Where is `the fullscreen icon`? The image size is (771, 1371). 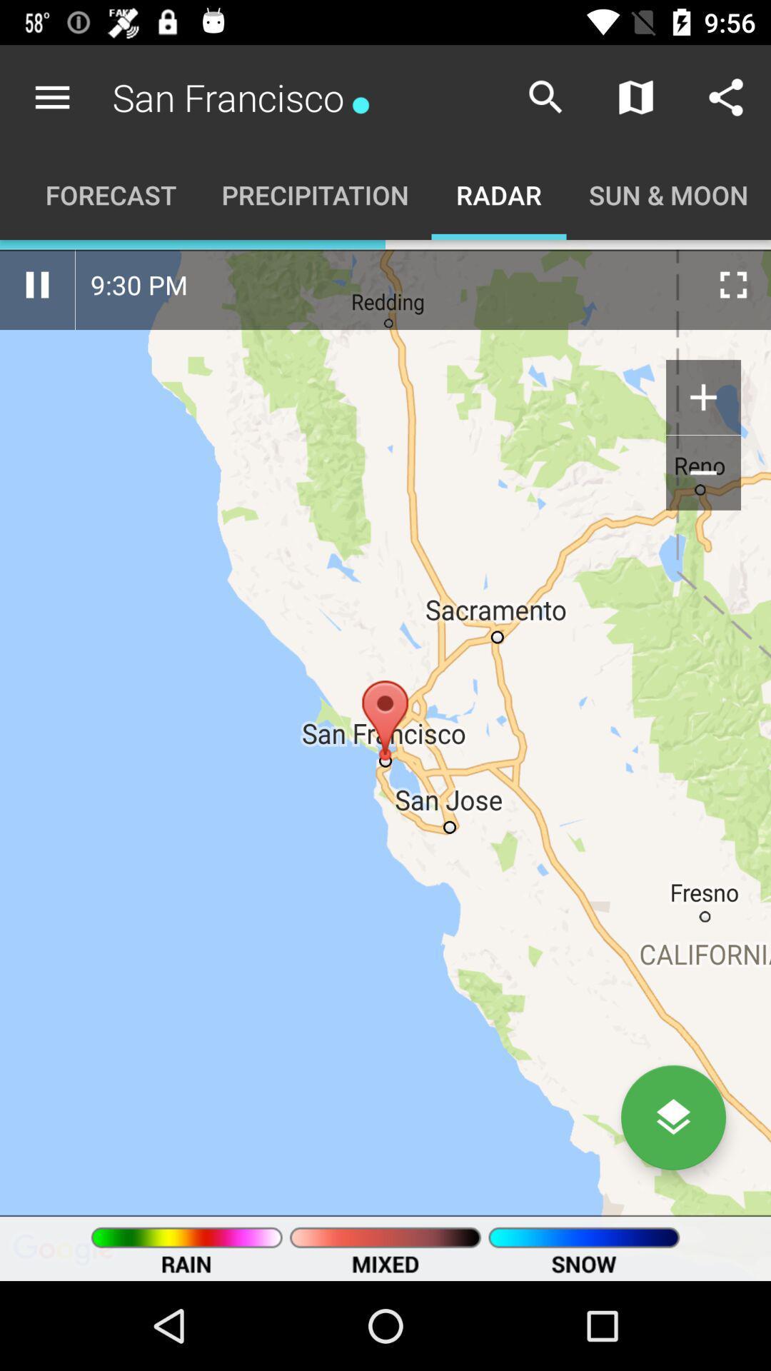 the fullscreen icon is located at coordinates (733, 284).